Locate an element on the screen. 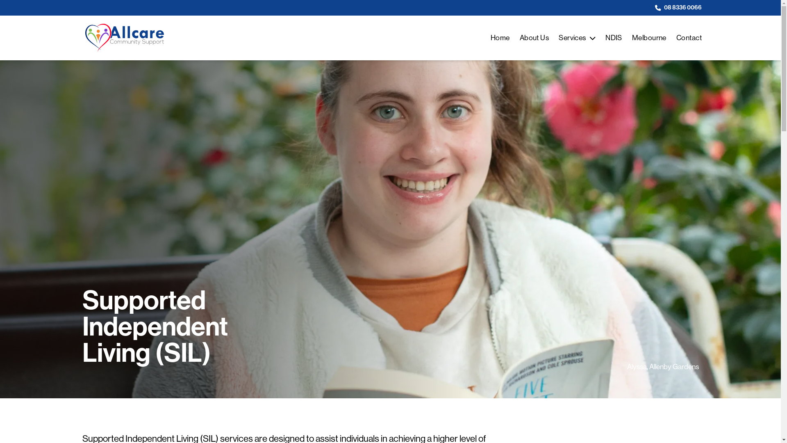  '08 8336 0066' is located at coordinates (678, 8).